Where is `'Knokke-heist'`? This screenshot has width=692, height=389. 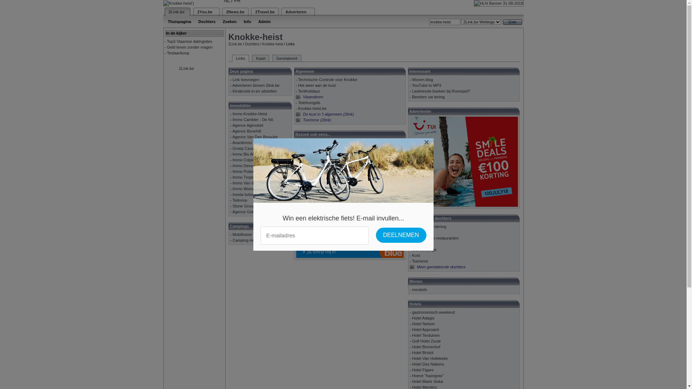 'Knokke-heist' is located at coordinates (272, 44).